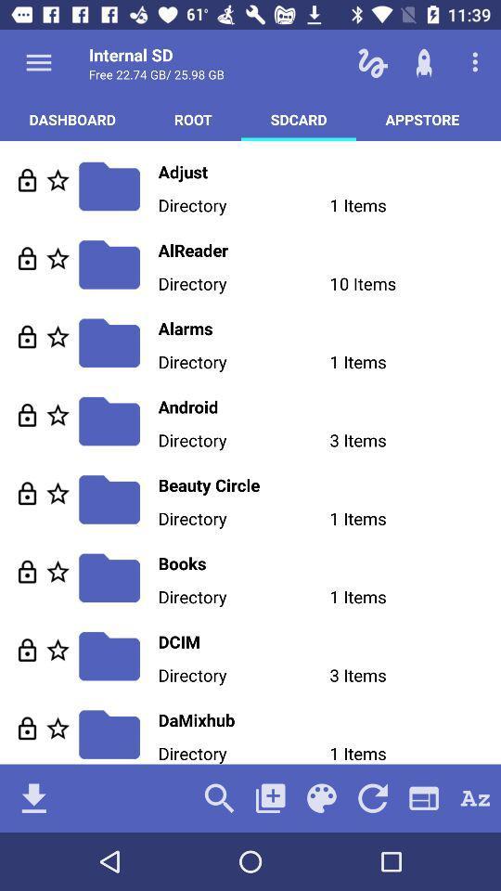  What do you see at coordinates (39, 62) in the screenshot?
I see `show options` at bounding box center [39, 62].